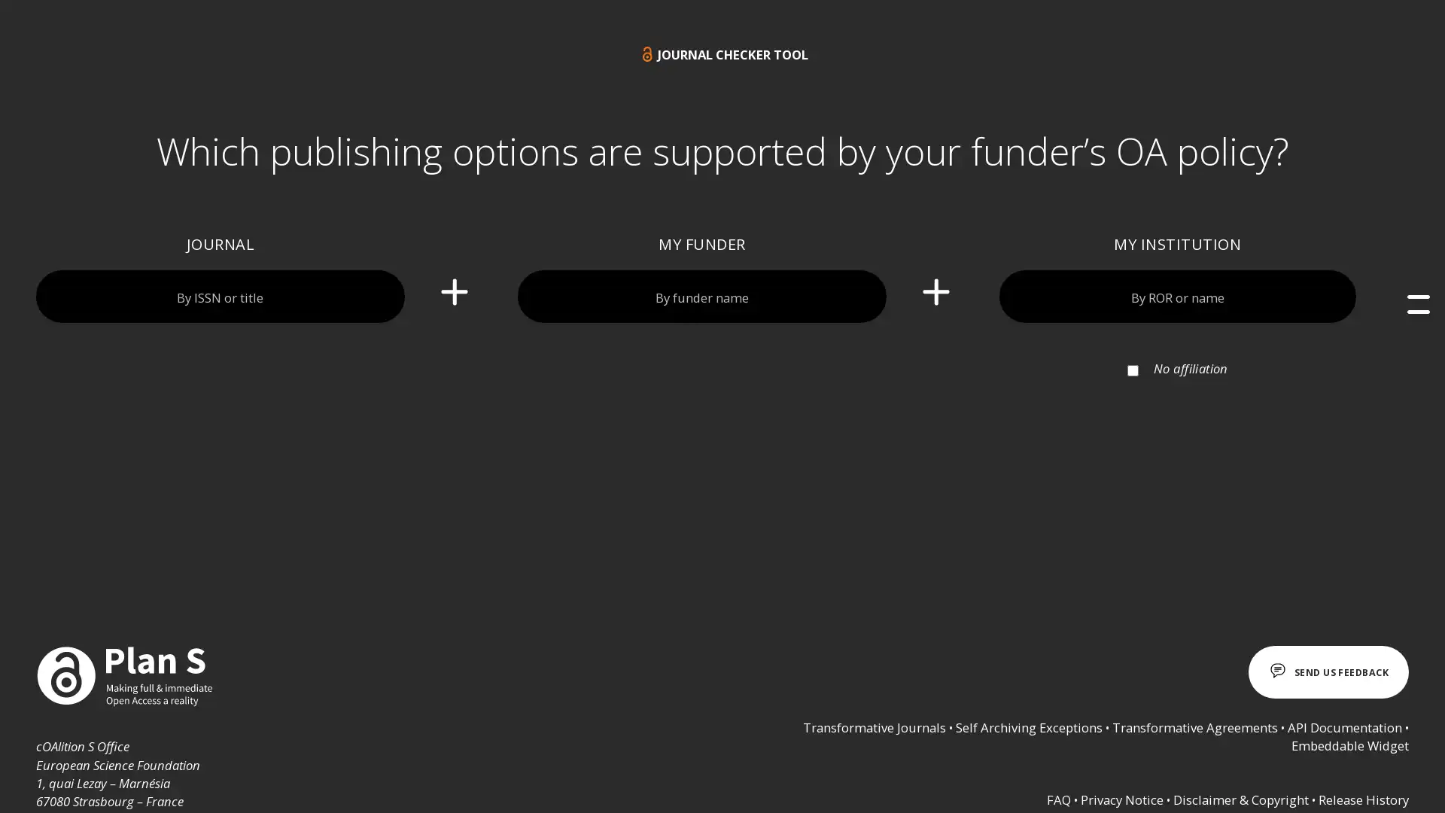 The height and width of the screenshot is (813, 1445). I want to click on SEND US FEEDBACK, so click(1320, 671).